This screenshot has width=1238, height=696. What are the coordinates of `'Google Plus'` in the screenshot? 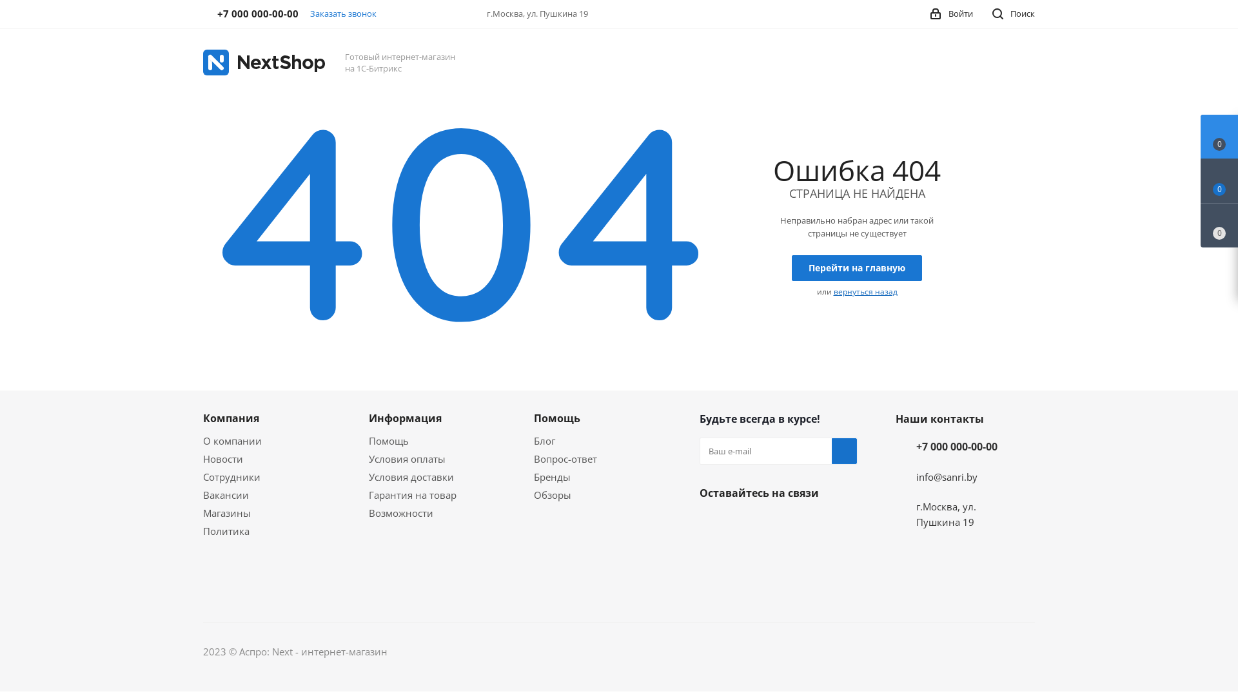 It's located at (711, 587).